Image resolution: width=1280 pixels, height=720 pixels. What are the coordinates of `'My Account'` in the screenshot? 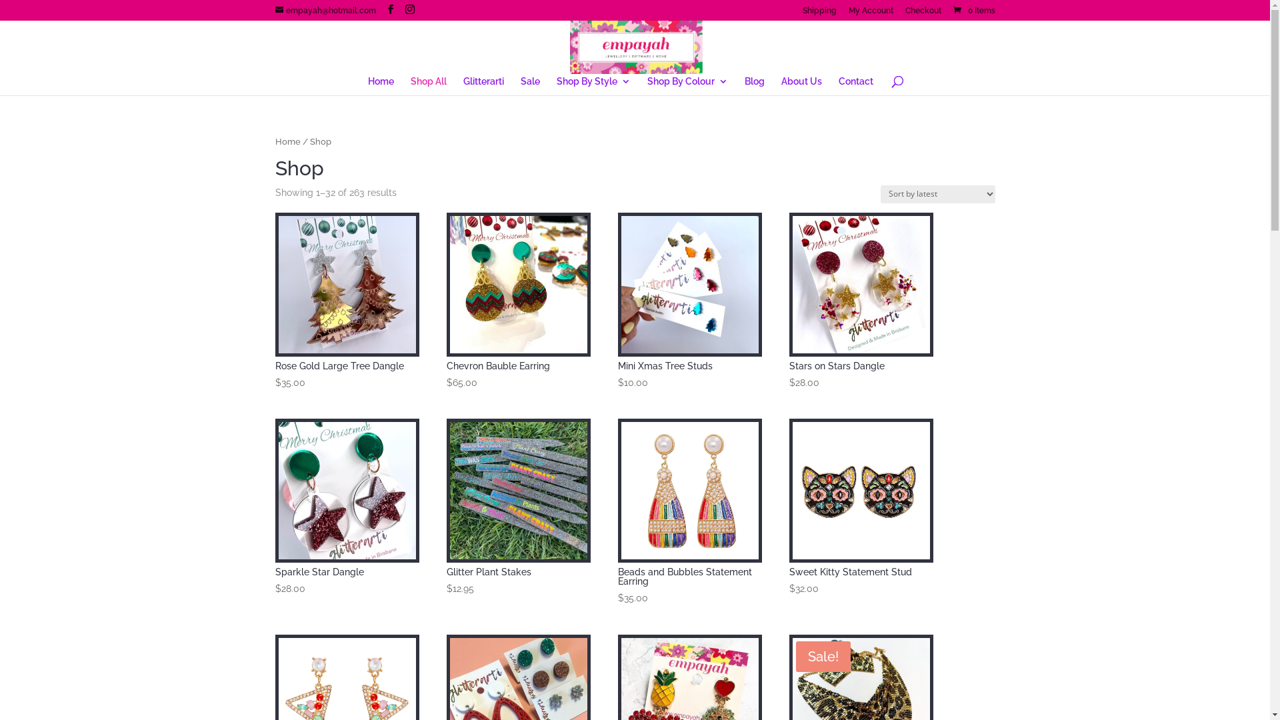 It's located at (870, 13).